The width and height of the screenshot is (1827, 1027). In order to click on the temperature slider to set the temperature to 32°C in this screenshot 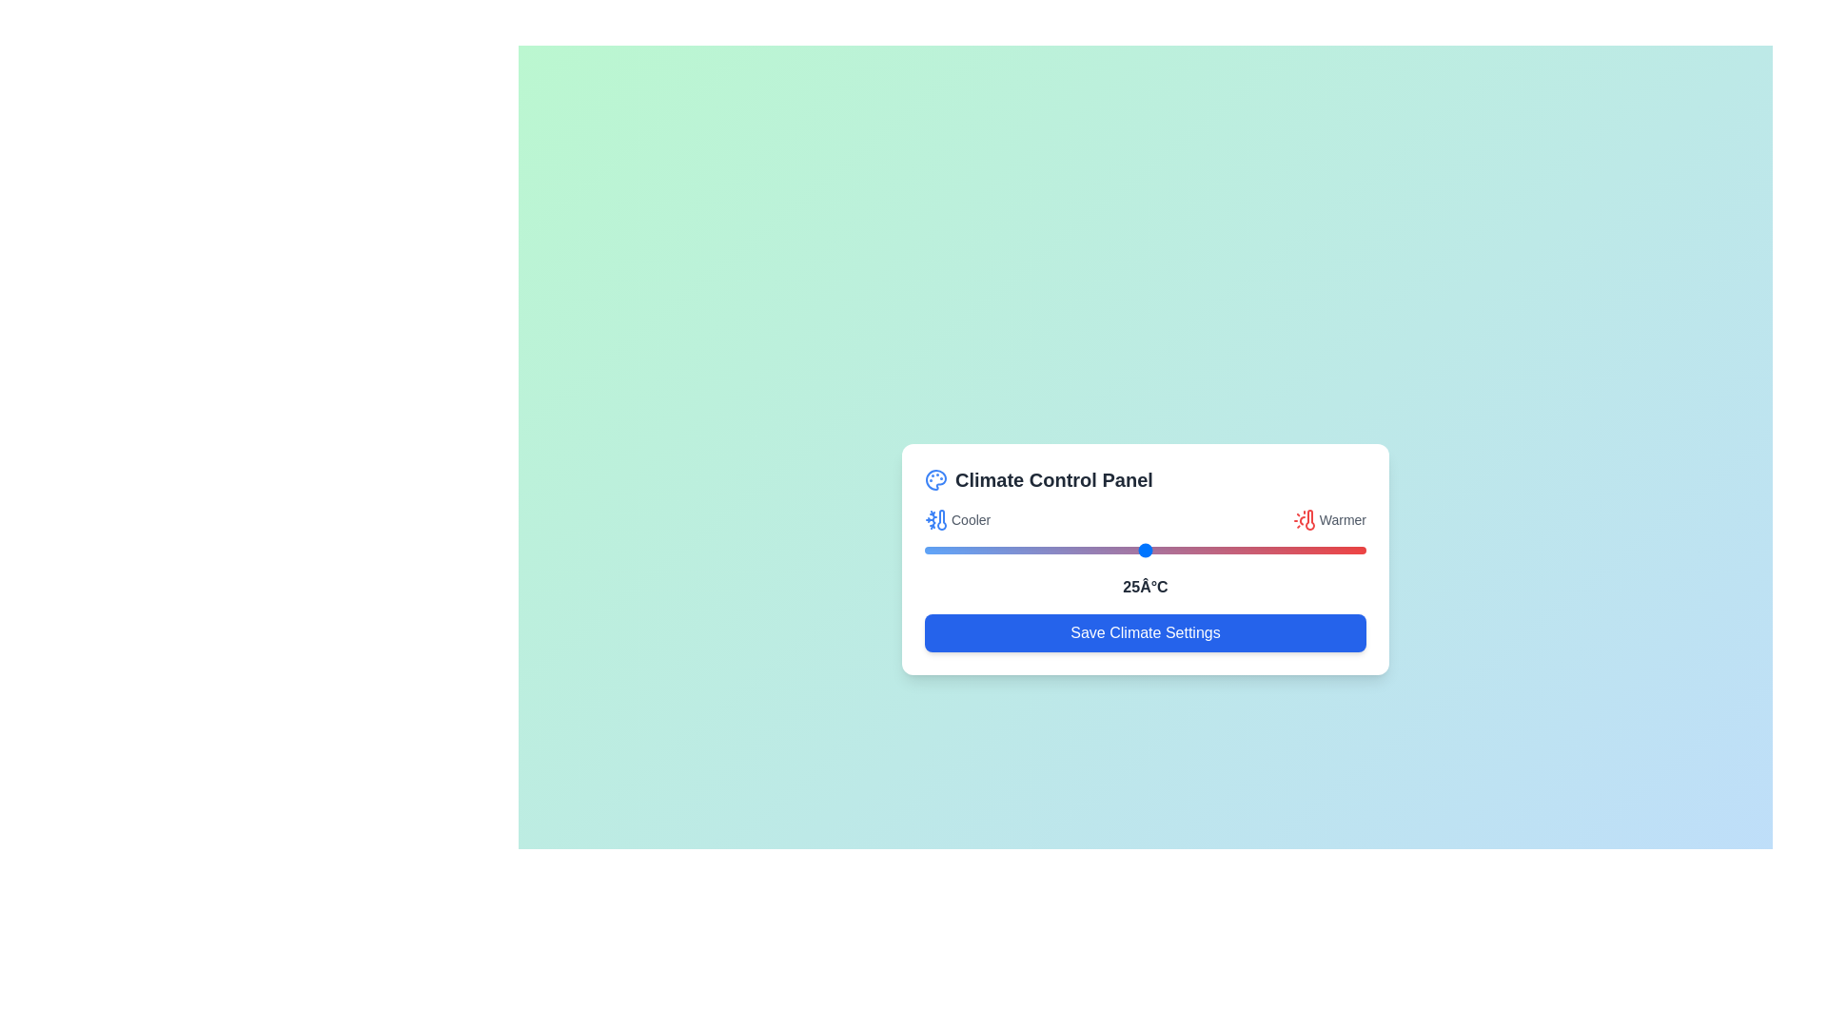, I will do `click(1206, 550)`.